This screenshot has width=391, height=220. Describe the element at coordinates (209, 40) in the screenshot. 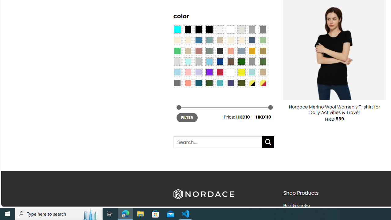

I see `'Blue Sage'` at that location.